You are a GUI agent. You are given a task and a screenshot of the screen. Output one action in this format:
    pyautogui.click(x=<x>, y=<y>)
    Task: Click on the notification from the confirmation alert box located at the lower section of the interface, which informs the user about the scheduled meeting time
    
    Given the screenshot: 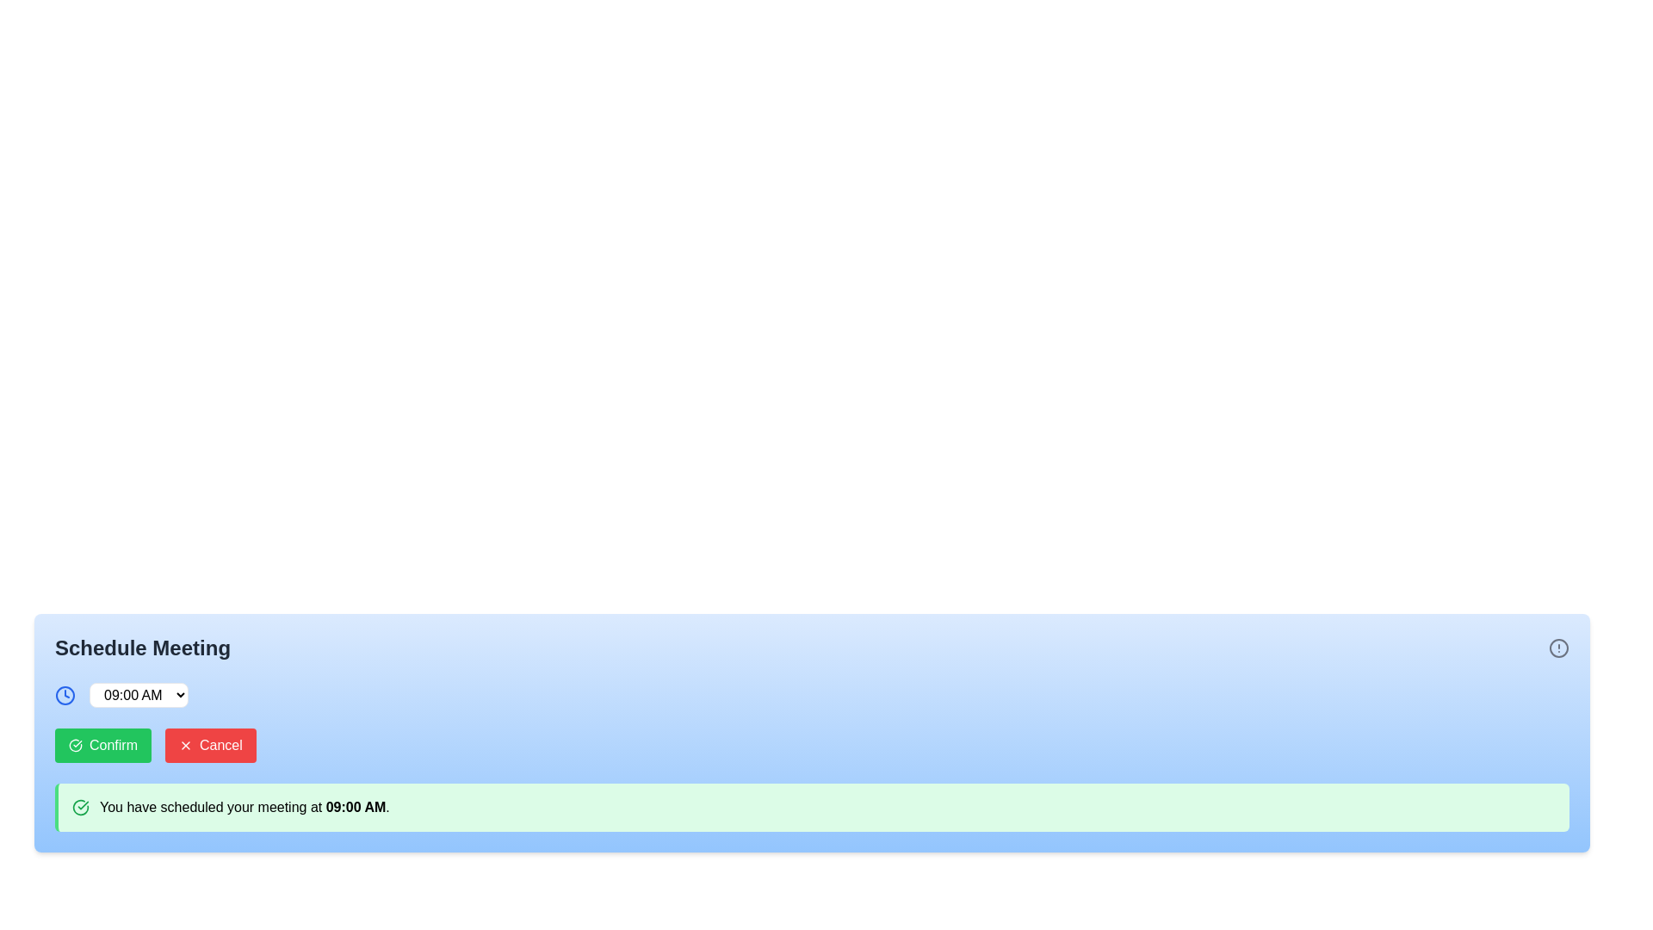 What is the action you would take?
    pyautogui.click(x=811, y=807)
    